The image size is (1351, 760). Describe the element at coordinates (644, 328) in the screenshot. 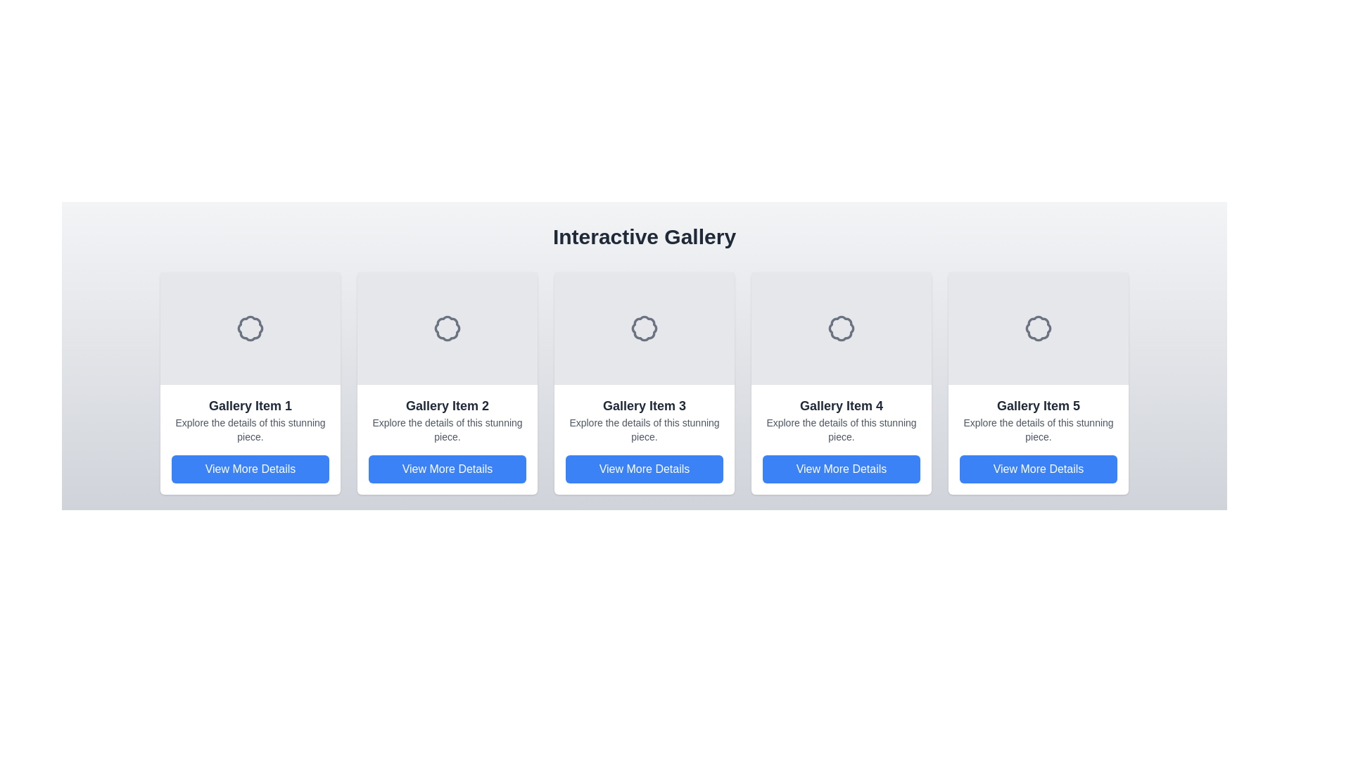

I see `the center of the circular badge-shaped icon with scalloped edges located in the header area of Gallery Item 3 for feedback interaction` at that location.